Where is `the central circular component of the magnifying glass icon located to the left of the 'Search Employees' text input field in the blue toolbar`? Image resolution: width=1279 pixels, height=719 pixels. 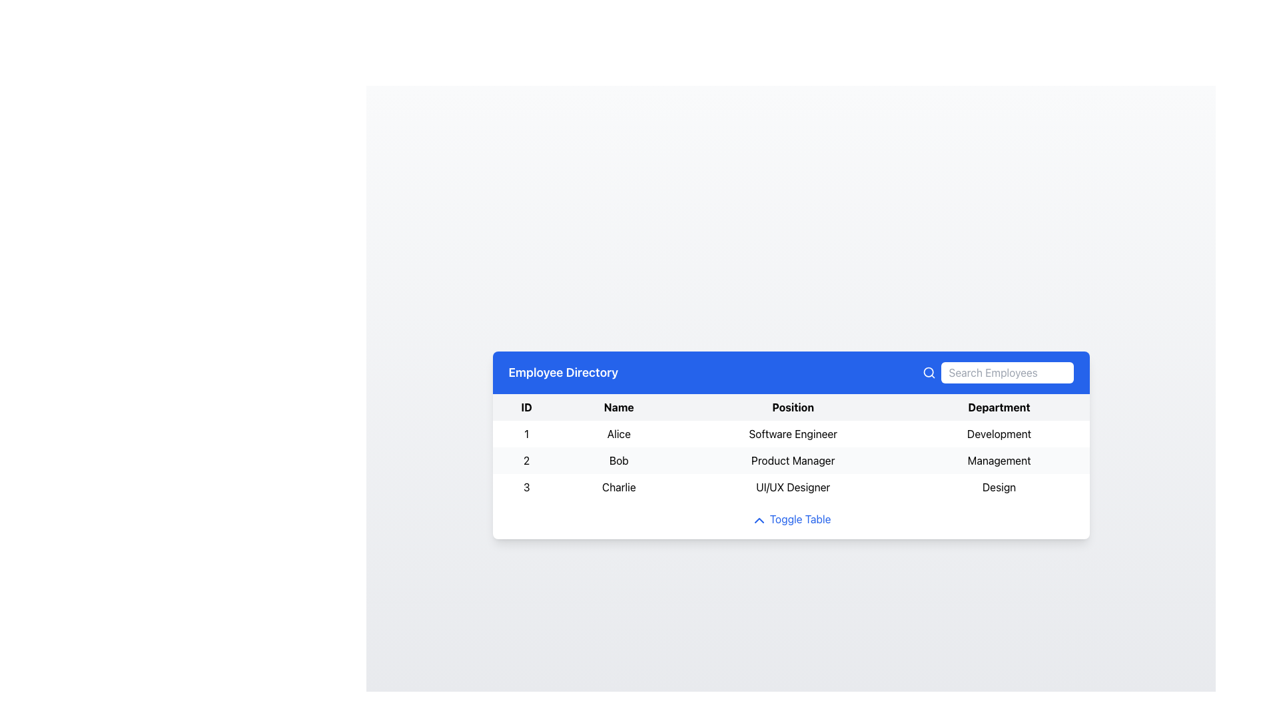 the central circular component of the magnifying glass icon located to the left of the 'Search Employees' text input field in the blue toolbar is located at coordinates (927, 372).